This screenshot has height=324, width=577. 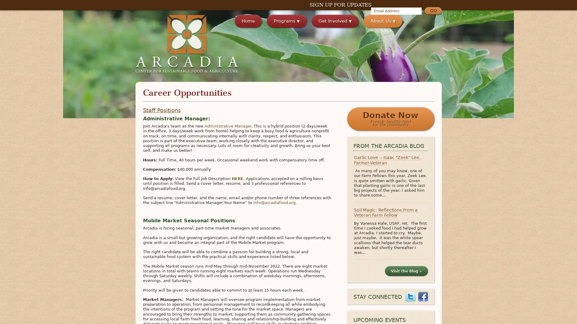 What do you see at coordinates (433, 11) in the screenshot?
I see `Submit` at bounding box center [433, 11].